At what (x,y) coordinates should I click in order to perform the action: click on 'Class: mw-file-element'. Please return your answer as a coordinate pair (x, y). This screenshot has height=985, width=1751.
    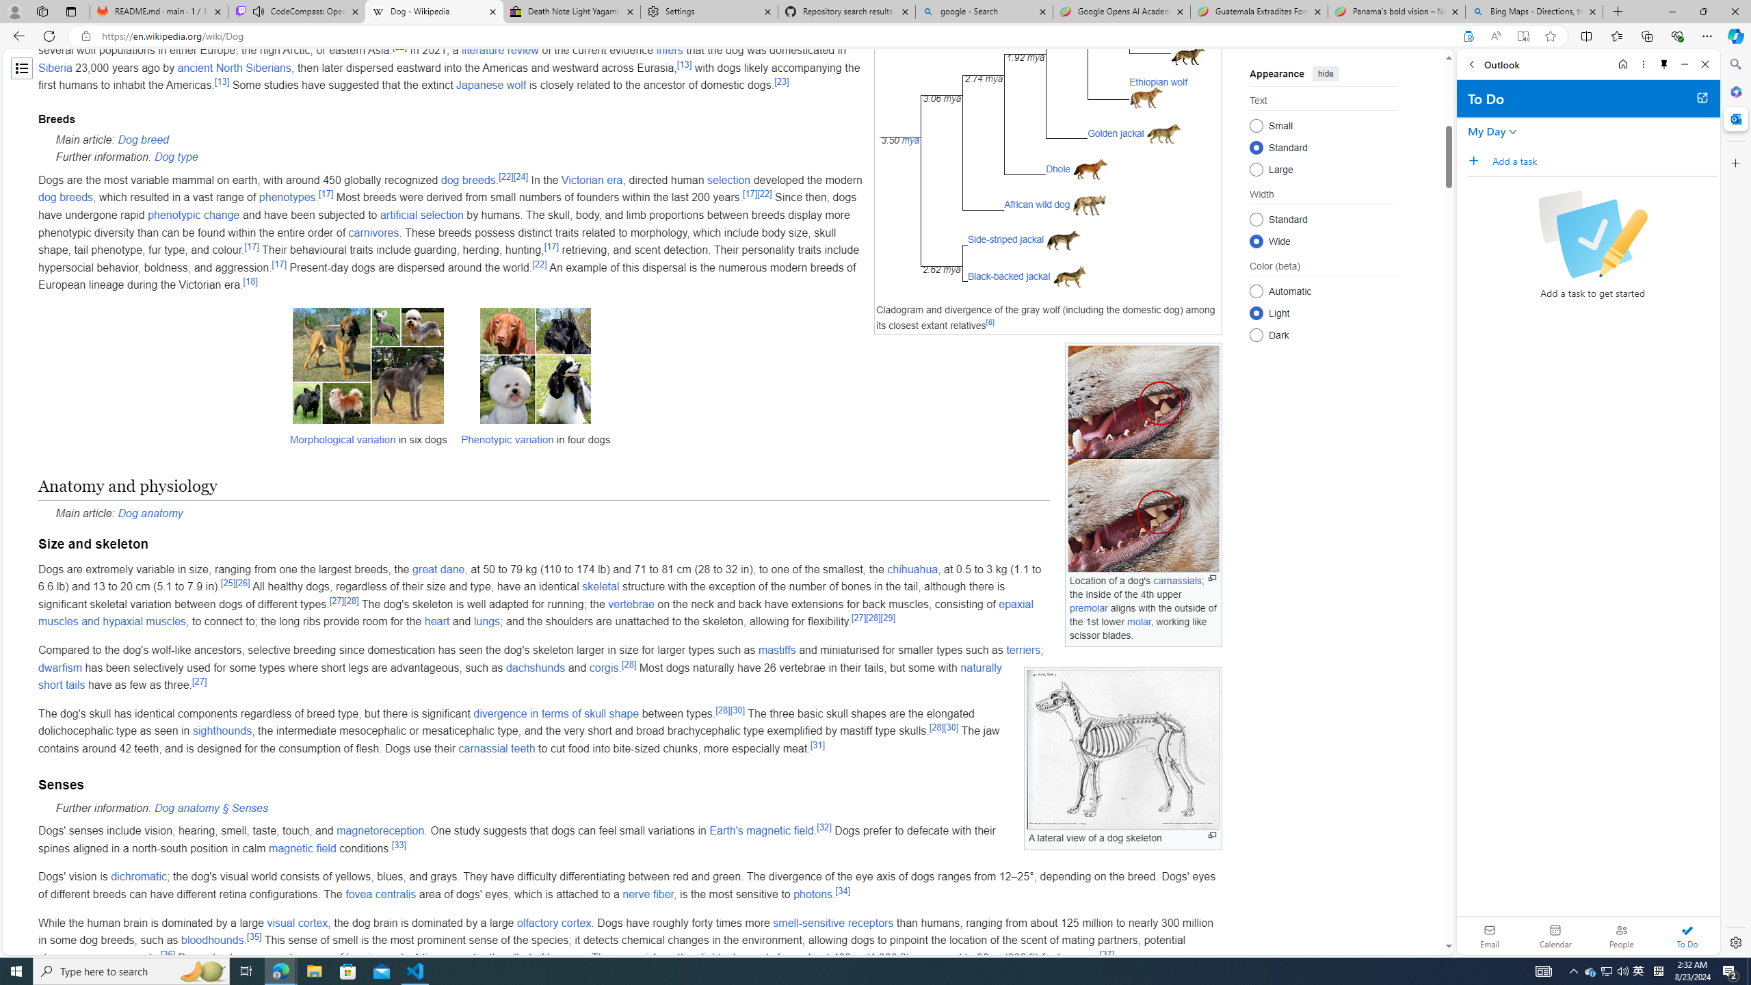
    Looking at the image, I should click on (1121, 749).